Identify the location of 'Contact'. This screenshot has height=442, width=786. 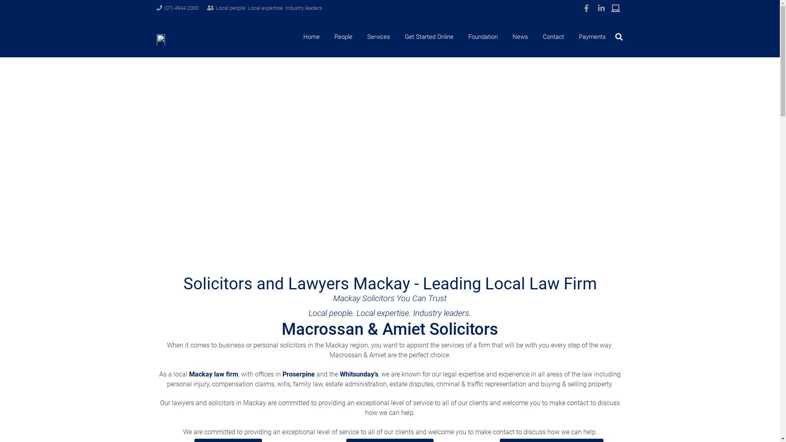
(553, 36).